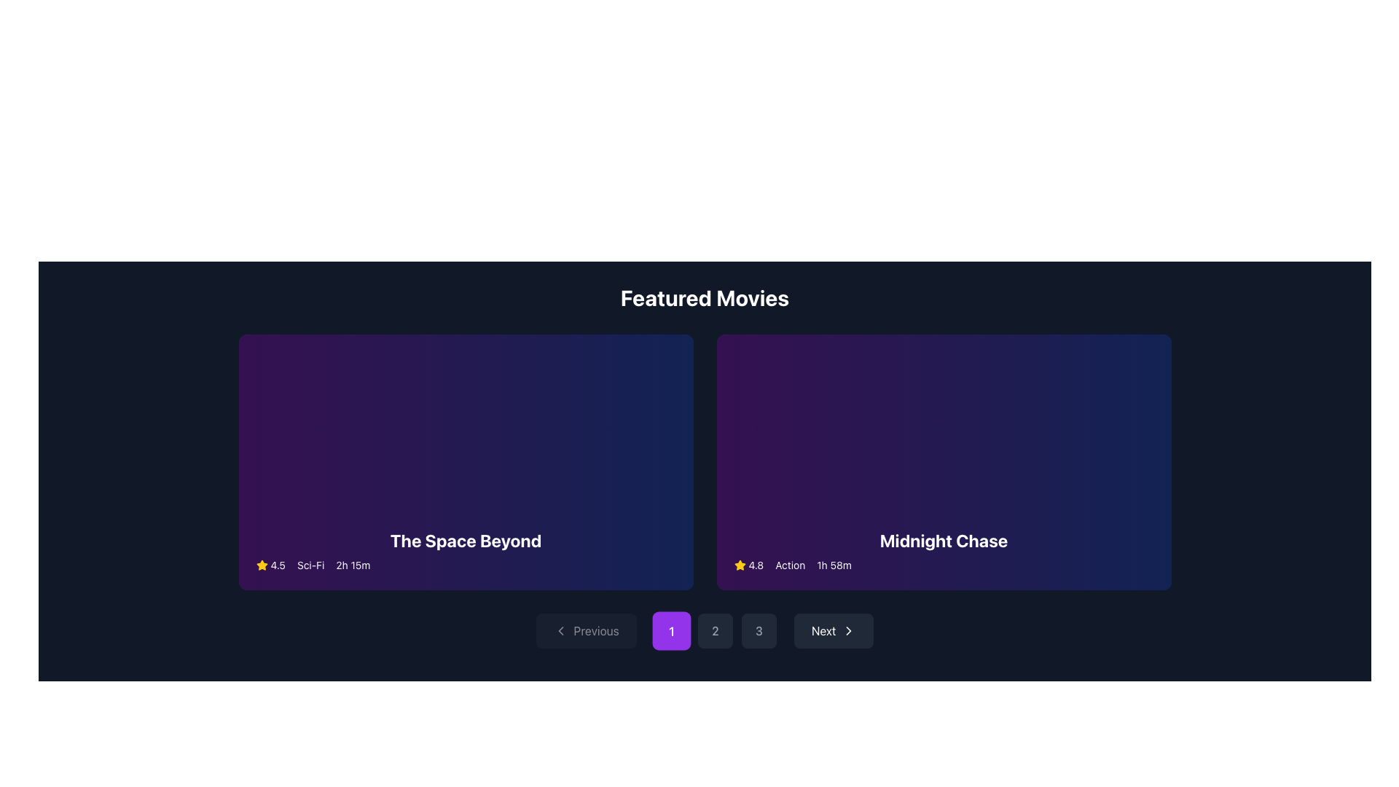 This screenshot has height=787, width=1399. What do you see at coordinates (715, 630) in the screenshot?
I see `the pagination button labeled '2'` at bounding box center [715, 630].